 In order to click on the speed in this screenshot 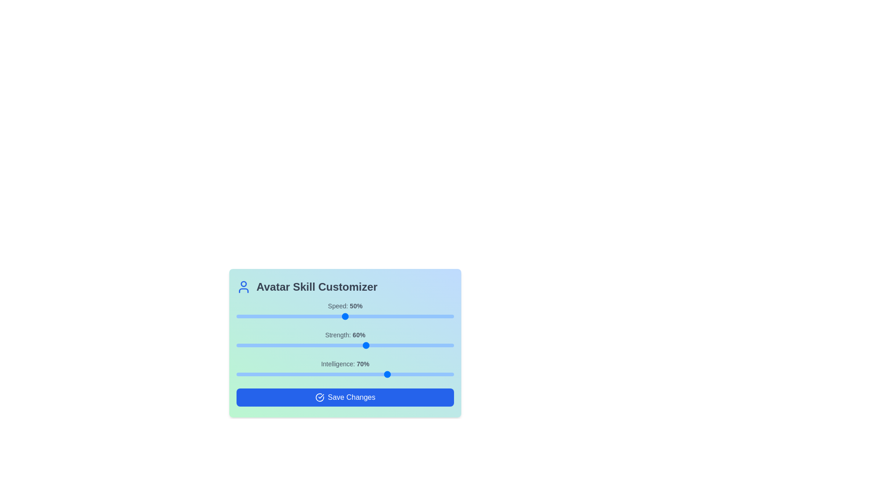, I will do `click(238, 316)`.